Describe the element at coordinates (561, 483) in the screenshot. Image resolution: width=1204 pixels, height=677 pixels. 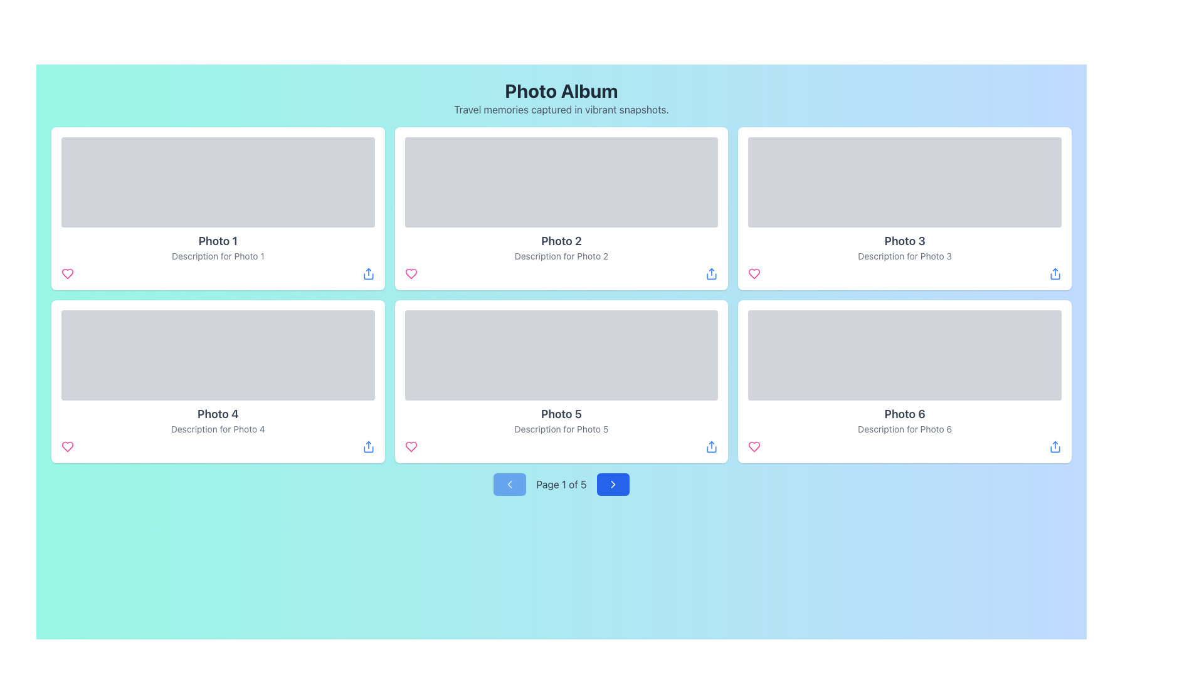
I see `the Text Display element that shows 'Page 1 of 5', located at the center of the pagination control, positioned at the bottom of the page` at that location.